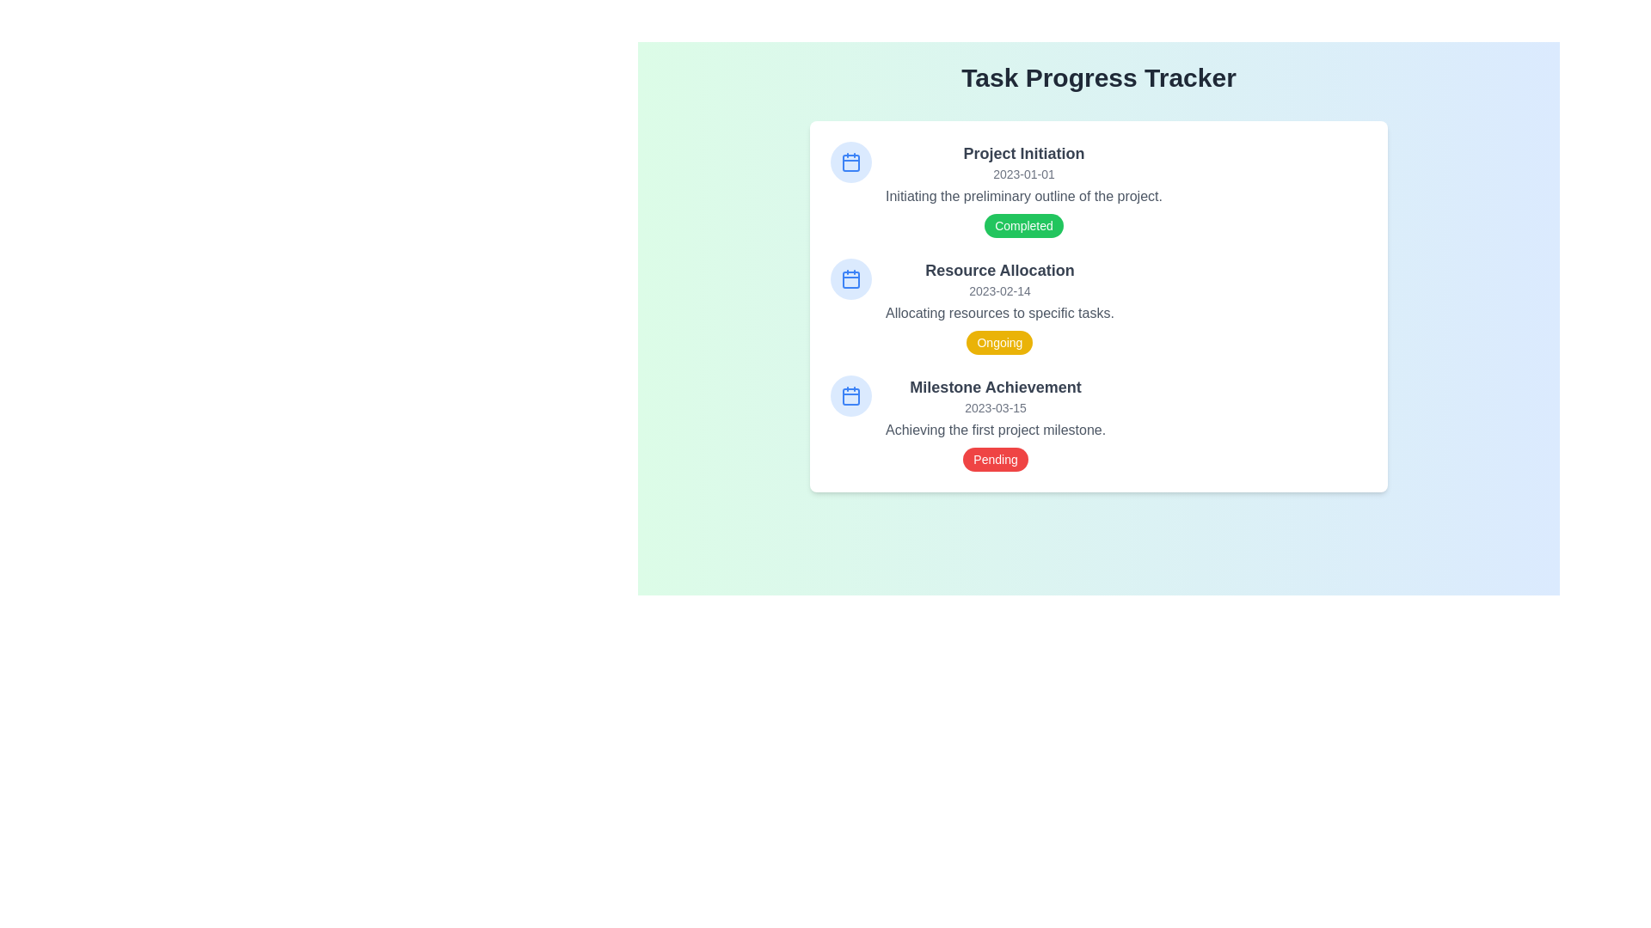 This screenshot has width=1651, height=928. I want to click on the static text label styled as a section heading for 'Resource Allocation' located in the second row of the task list, so click(999, 271).